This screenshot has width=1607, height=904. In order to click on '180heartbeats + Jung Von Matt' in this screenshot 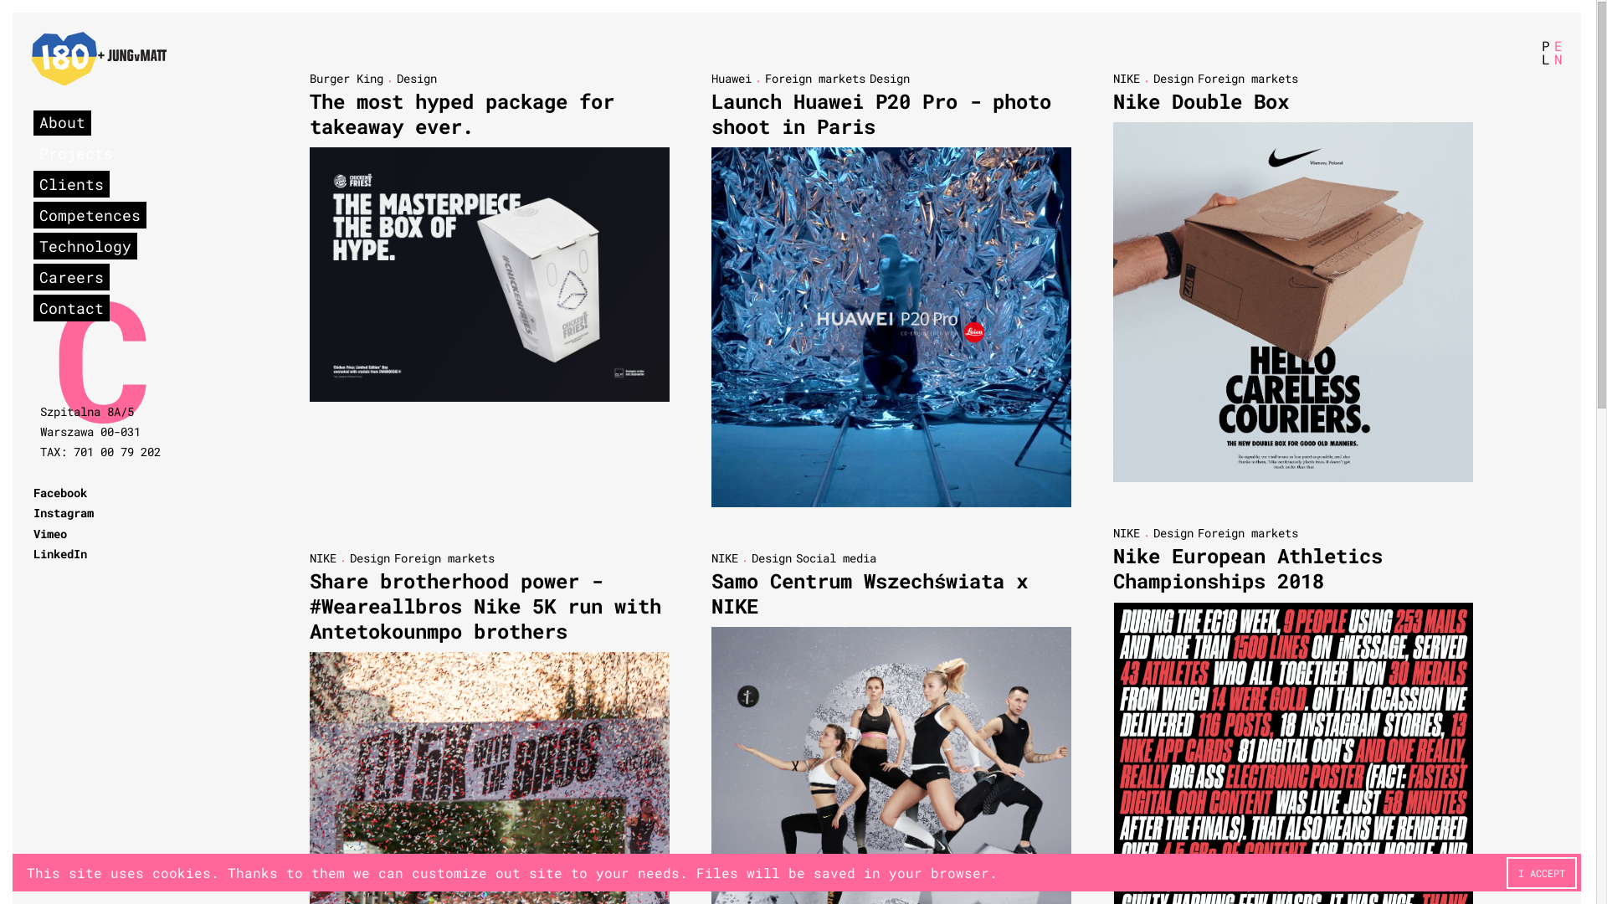, I will do `click(98, 59)`.